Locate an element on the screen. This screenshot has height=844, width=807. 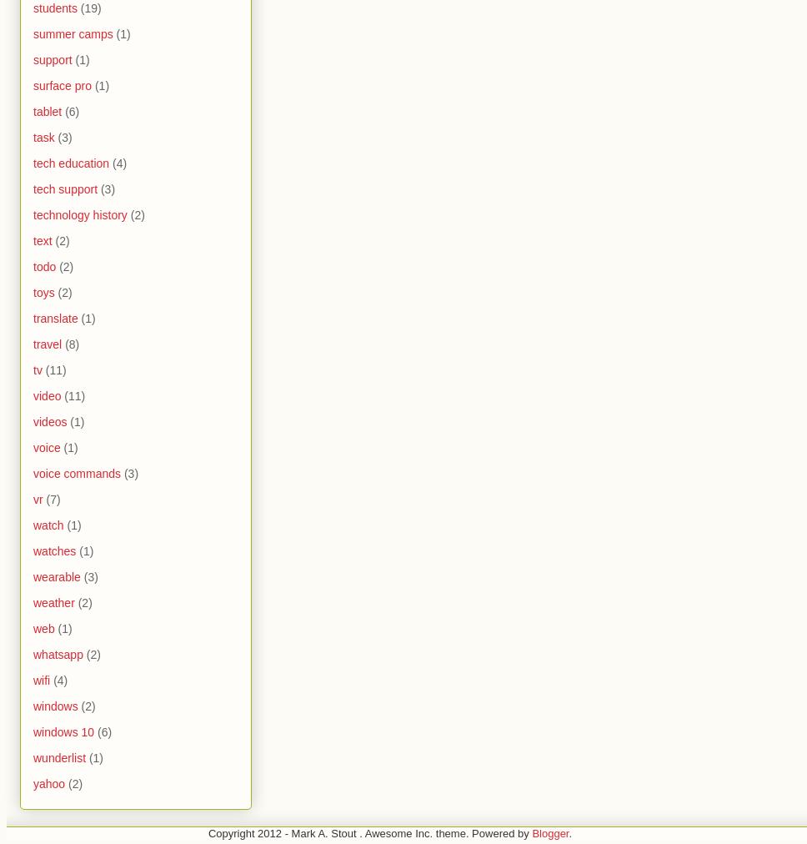
'(8)' is located at coordinates (64, 344).